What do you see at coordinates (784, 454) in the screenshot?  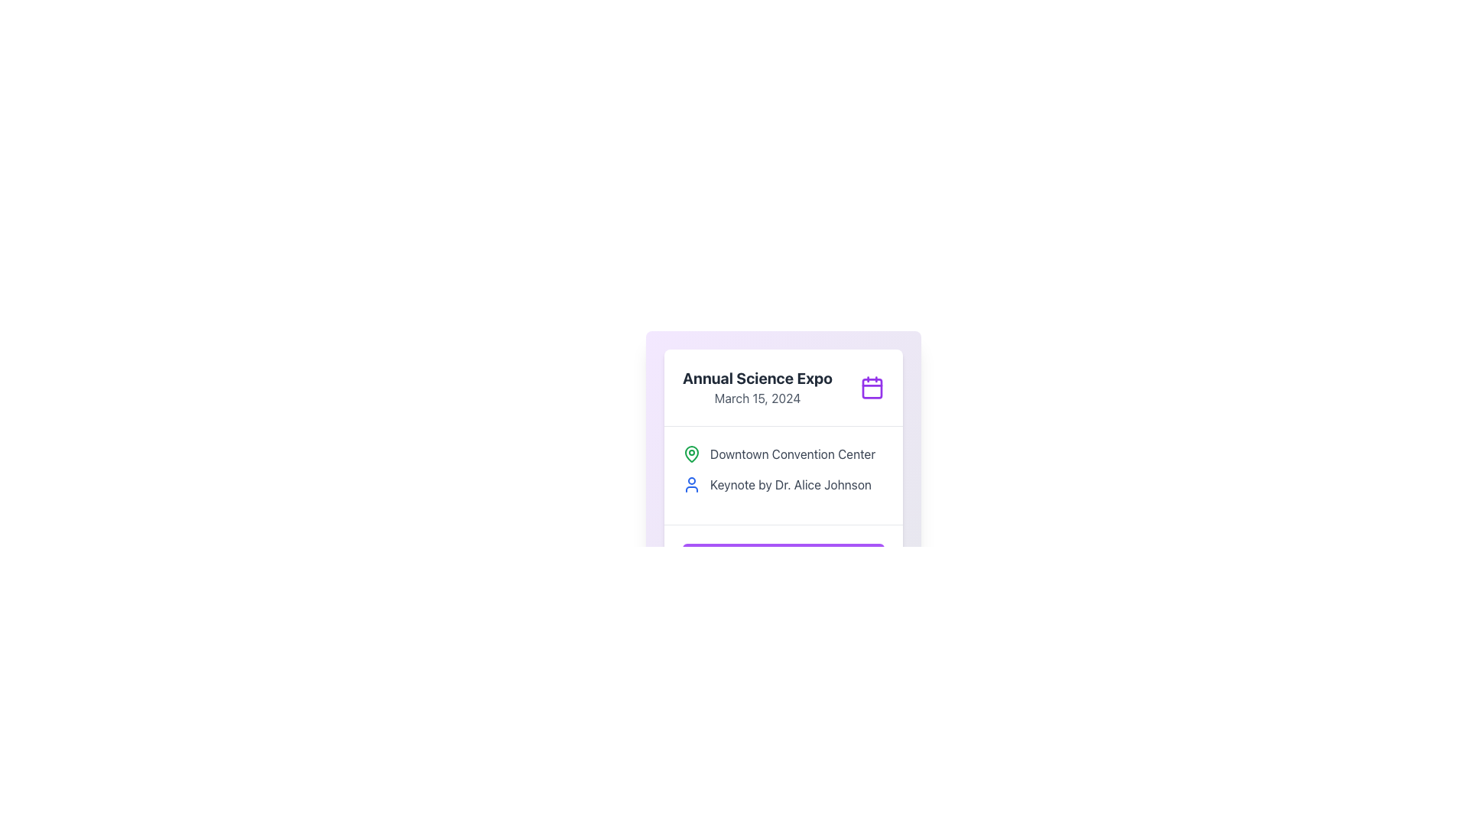 I see `the labeled information display icon and text component located below the event title and above the keynote speaker section, which serves to inform users about the venue or location of the event` at bounding box center [784, 454].